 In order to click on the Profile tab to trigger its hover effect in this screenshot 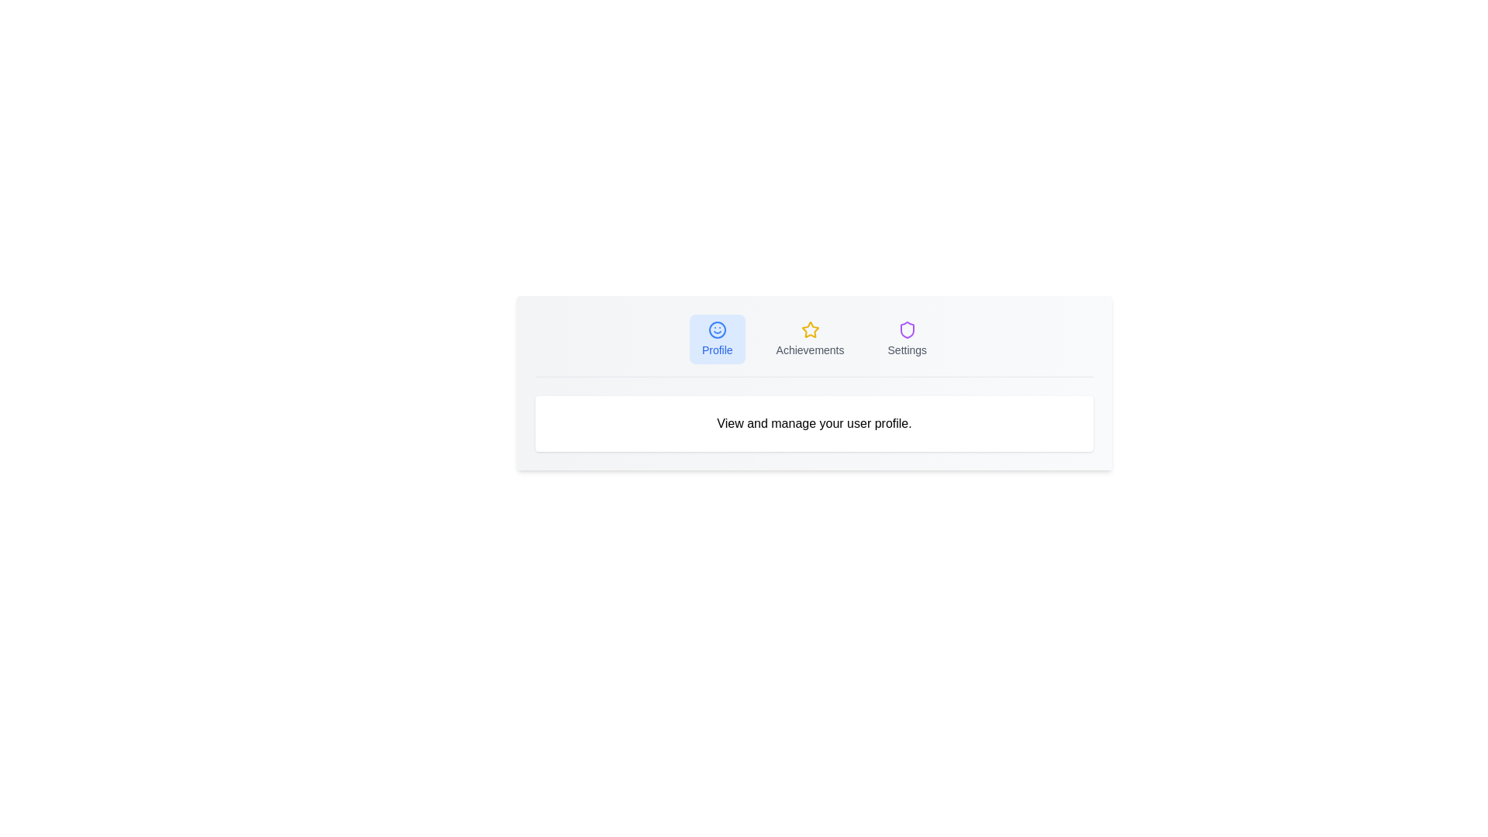, I will do `click(716, 339)`.